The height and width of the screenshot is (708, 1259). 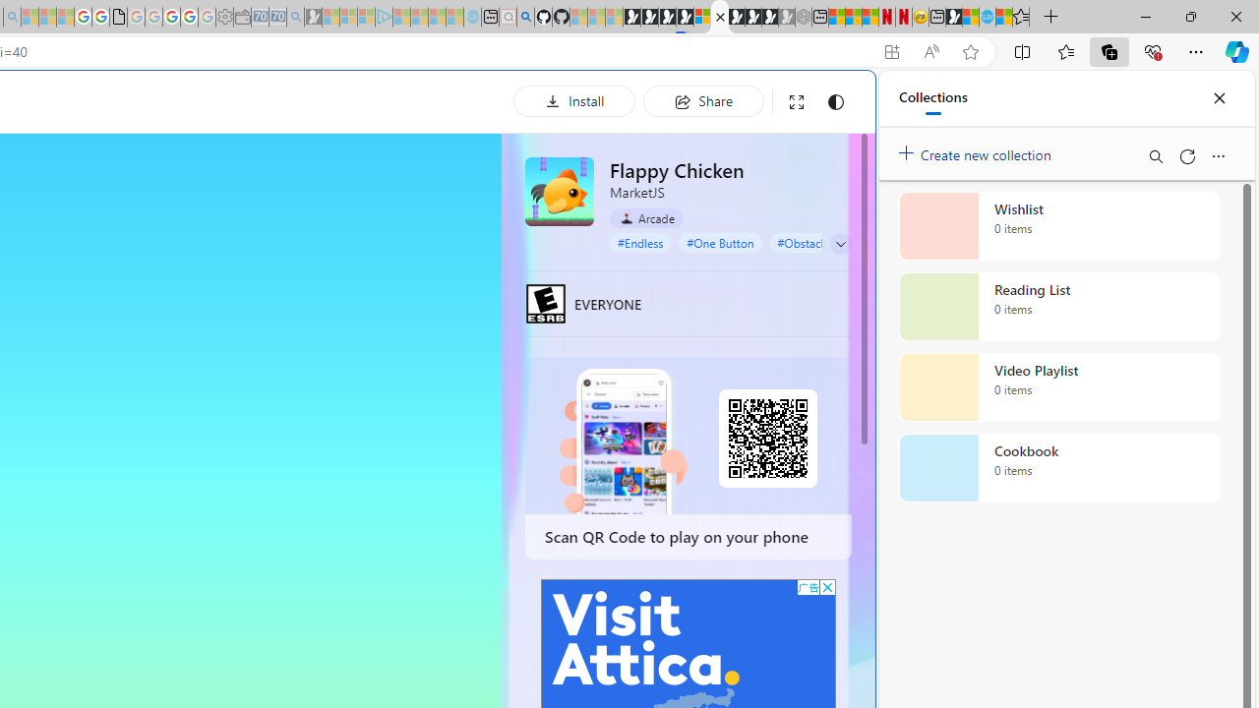 I want to click on 'Microsoft Start Gaming - Sleeping', so click(x=312, y=17).